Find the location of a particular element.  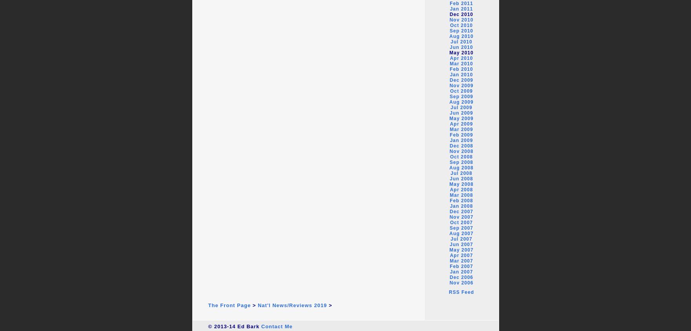

'Jul 2007' is located at coordinates (461, 238).